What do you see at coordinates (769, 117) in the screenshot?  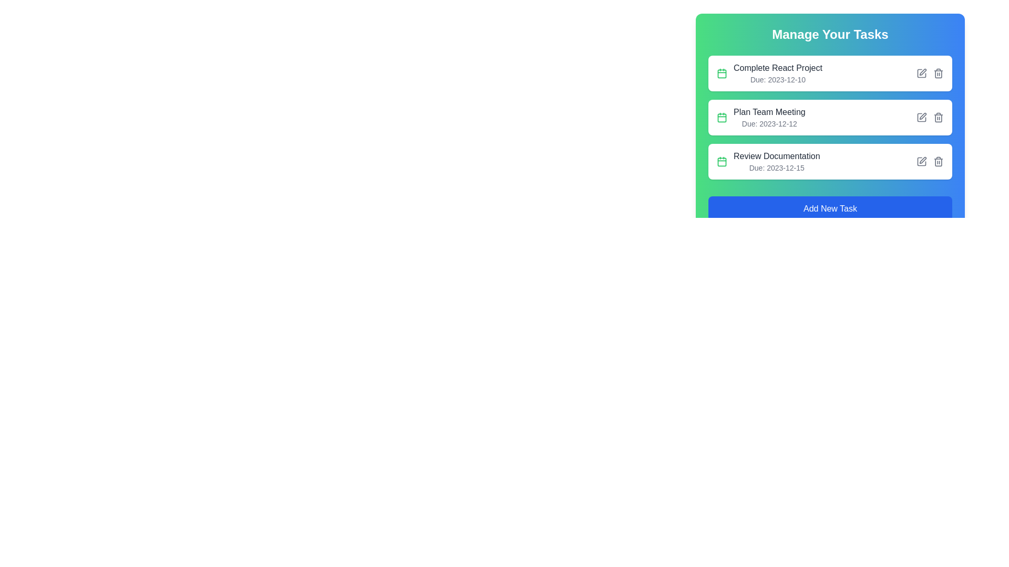 I see `or click the text block titled 'Plan Team Meeting'` at bounding box center [769, 117].